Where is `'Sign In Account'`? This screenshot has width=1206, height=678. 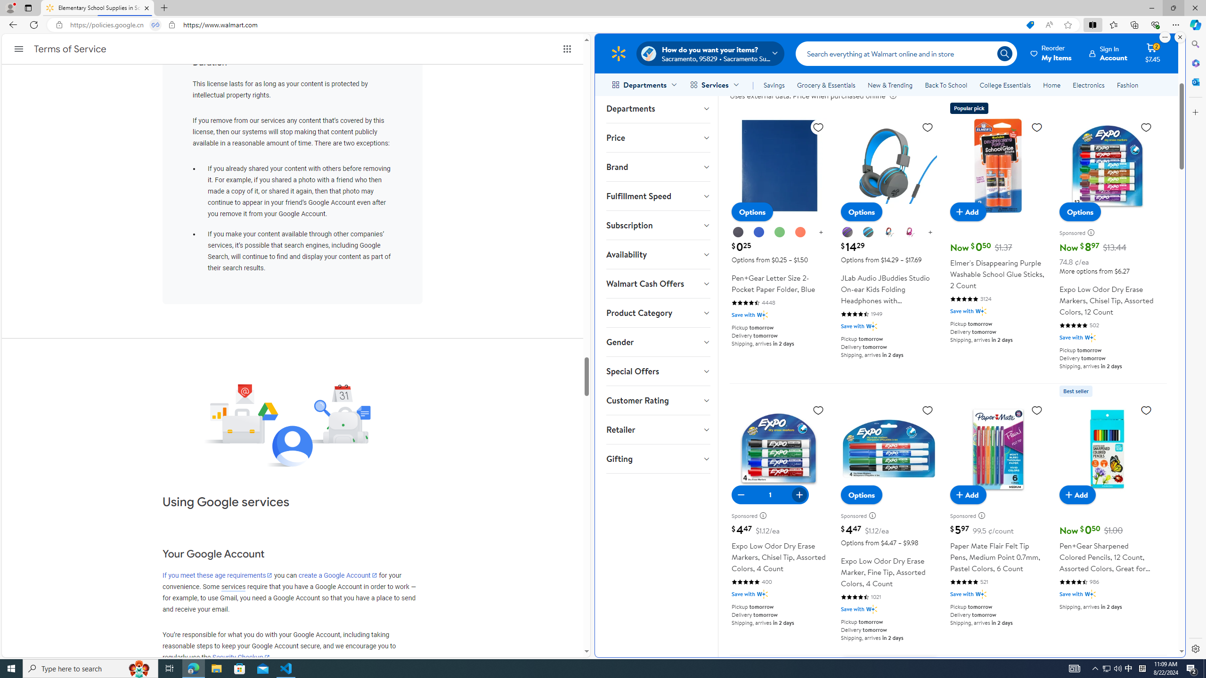 'Sign In Account' is located at coordinates (1108, 53).